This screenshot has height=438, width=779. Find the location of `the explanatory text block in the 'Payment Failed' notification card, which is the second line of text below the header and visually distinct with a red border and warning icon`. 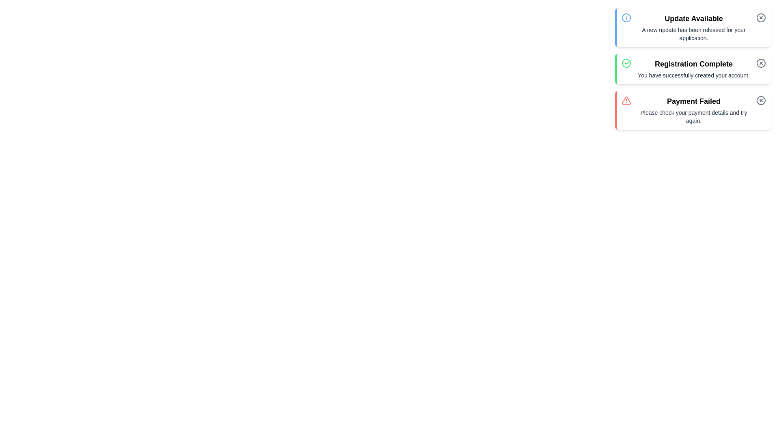

the explanatory text block in the 'Payment Failed' notification card, which is the second line of text below the header and visually distinct with a red border and warning icon is located at coordinates (693, 117).